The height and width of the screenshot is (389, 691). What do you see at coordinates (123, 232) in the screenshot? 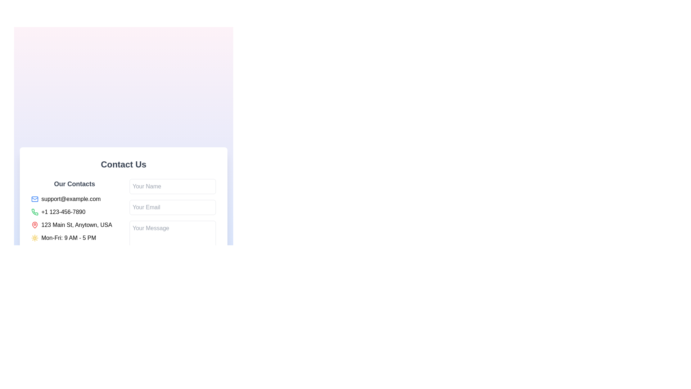
I see `contact information displayed in the Information panel located on the left column of the 'Contact Us' section` at bounding box center [123, 232].